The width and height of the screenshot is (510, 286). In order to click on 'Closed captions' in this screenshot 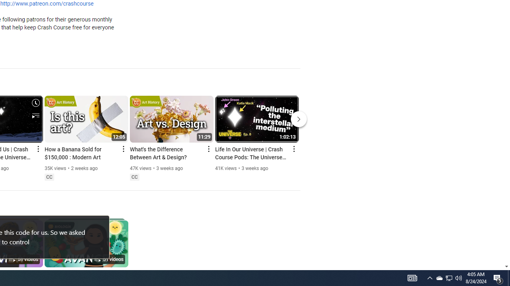, I will do `click(134, 177)`.